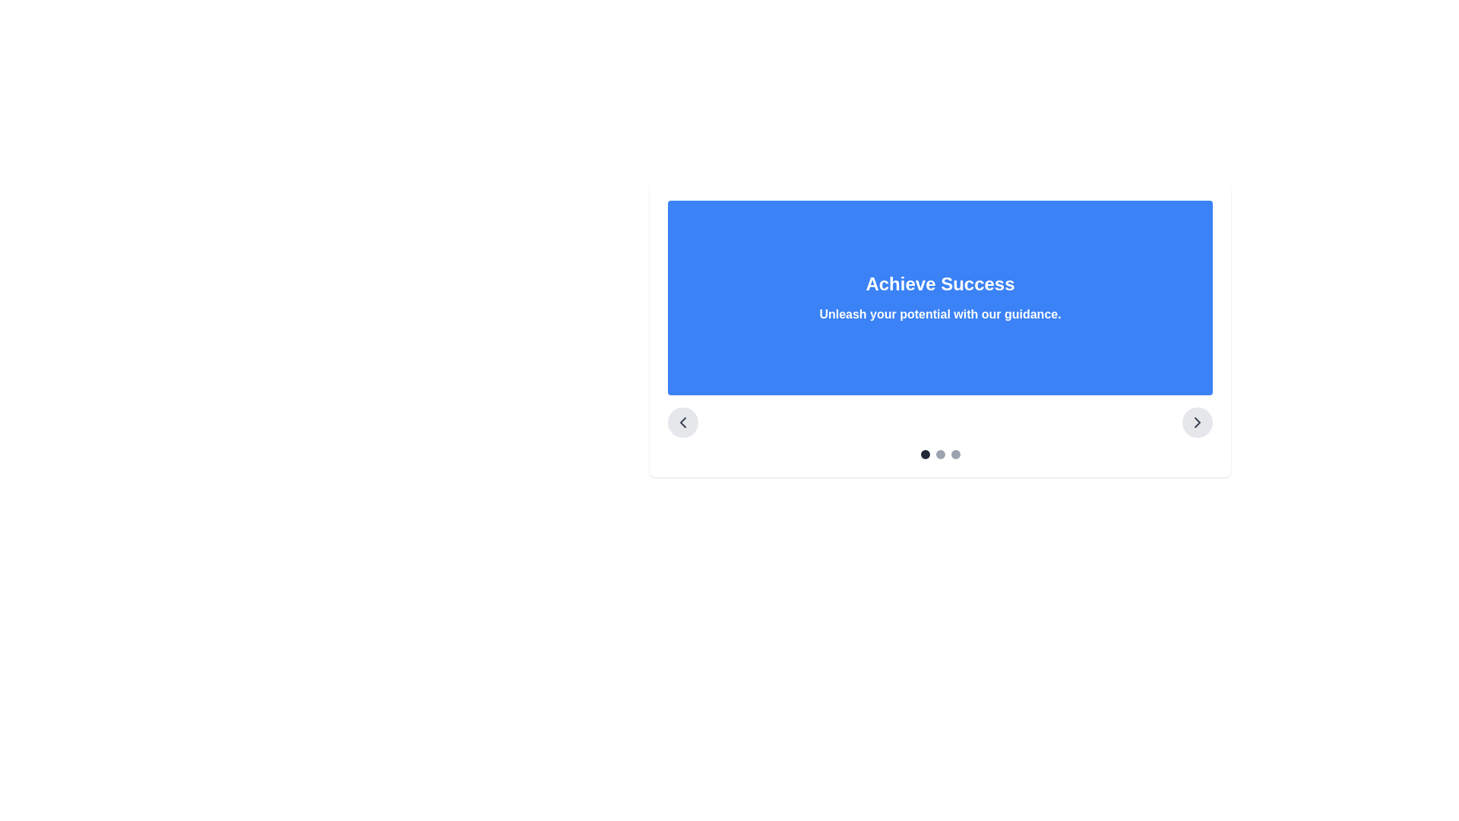 The height and width of the screenshot is (821, 1459). Describe the element at coordinates (1196, 422) in the screenshot. I see `the circular button with a light gray background and a right-pointing arrow icon` at that location.